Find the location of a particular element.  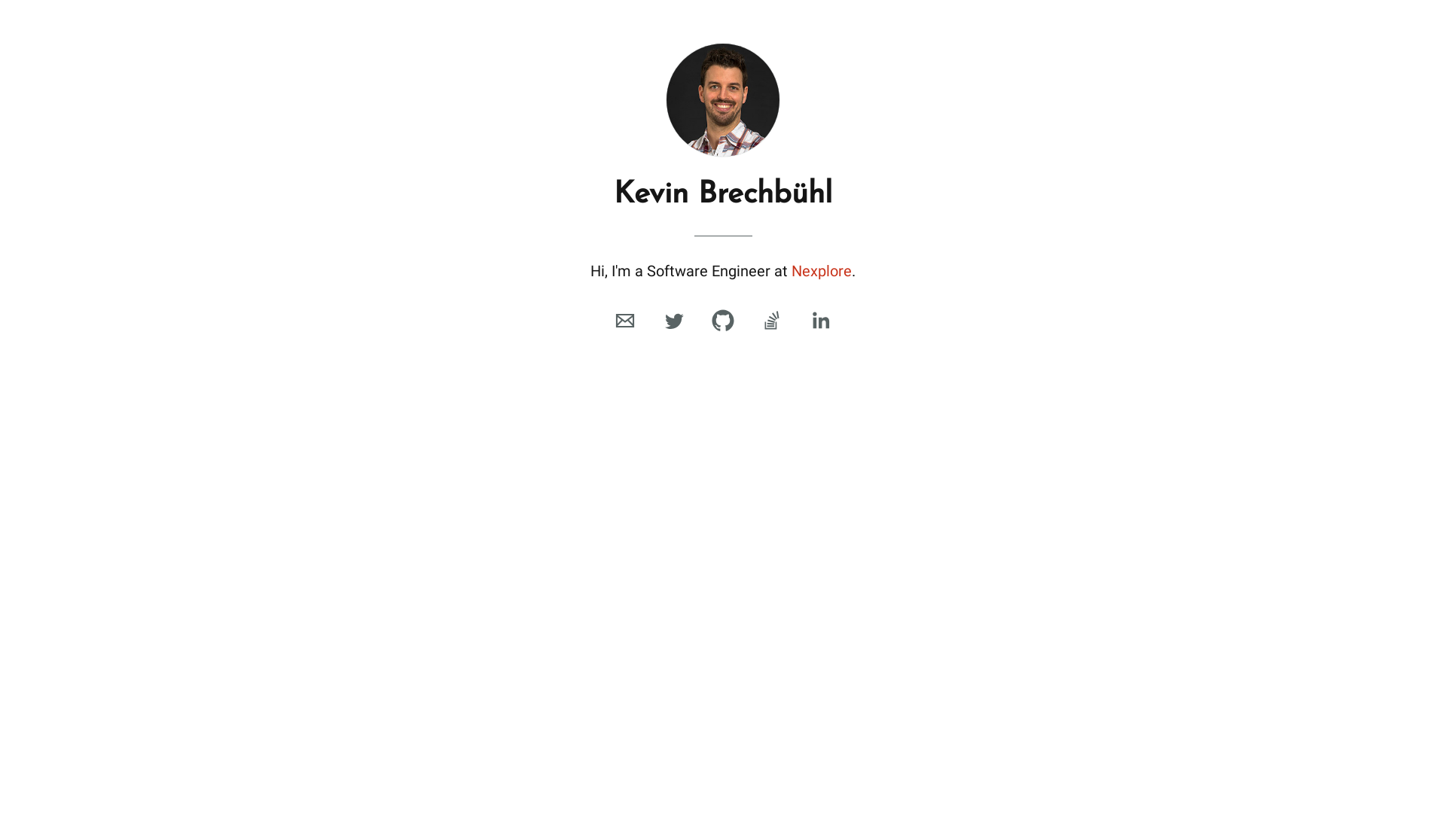

'Nexplore' is located at coordinates (791, 269).